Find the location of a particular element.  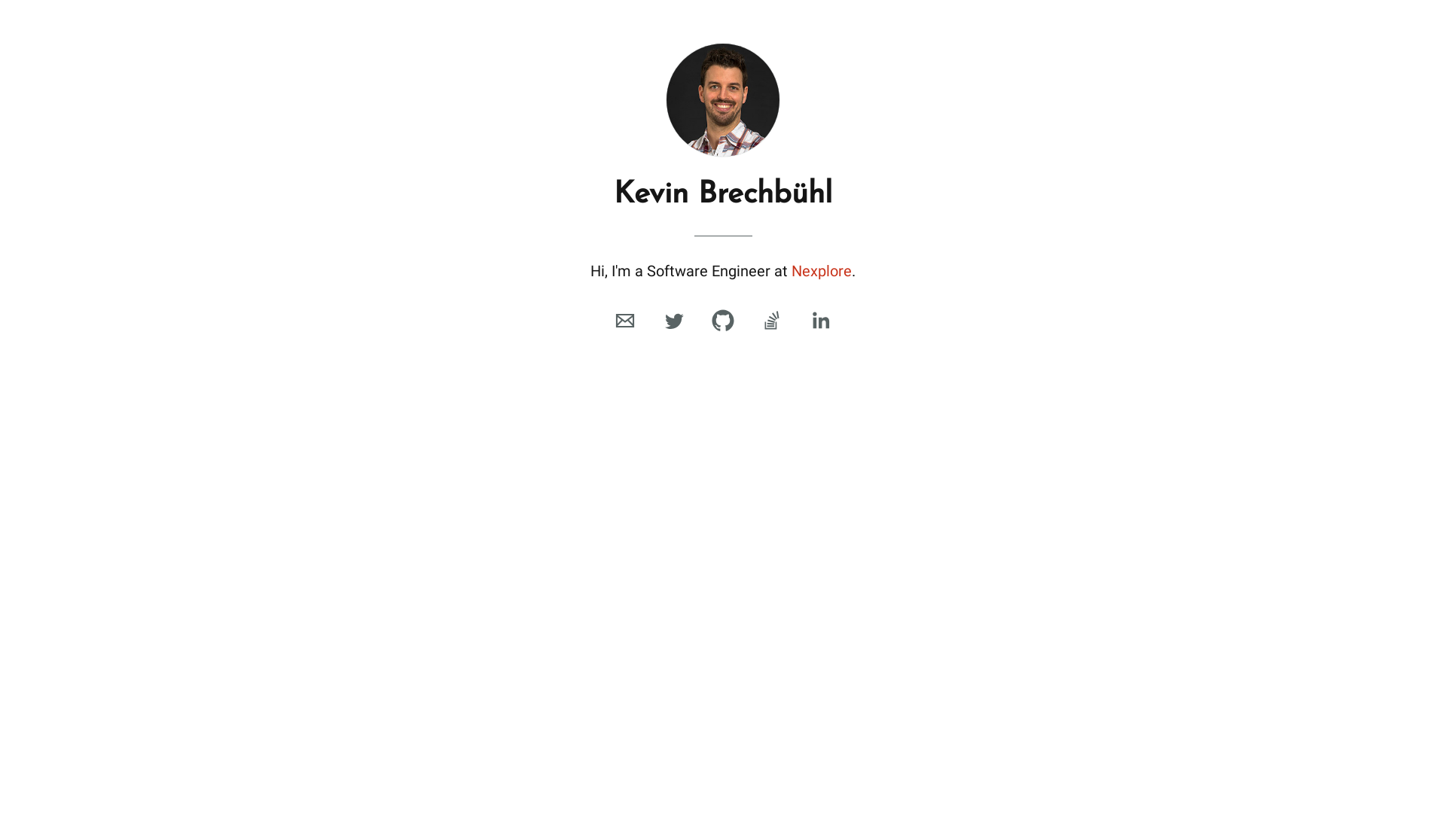

'Nexplore' is located at coordinates (791, 269).